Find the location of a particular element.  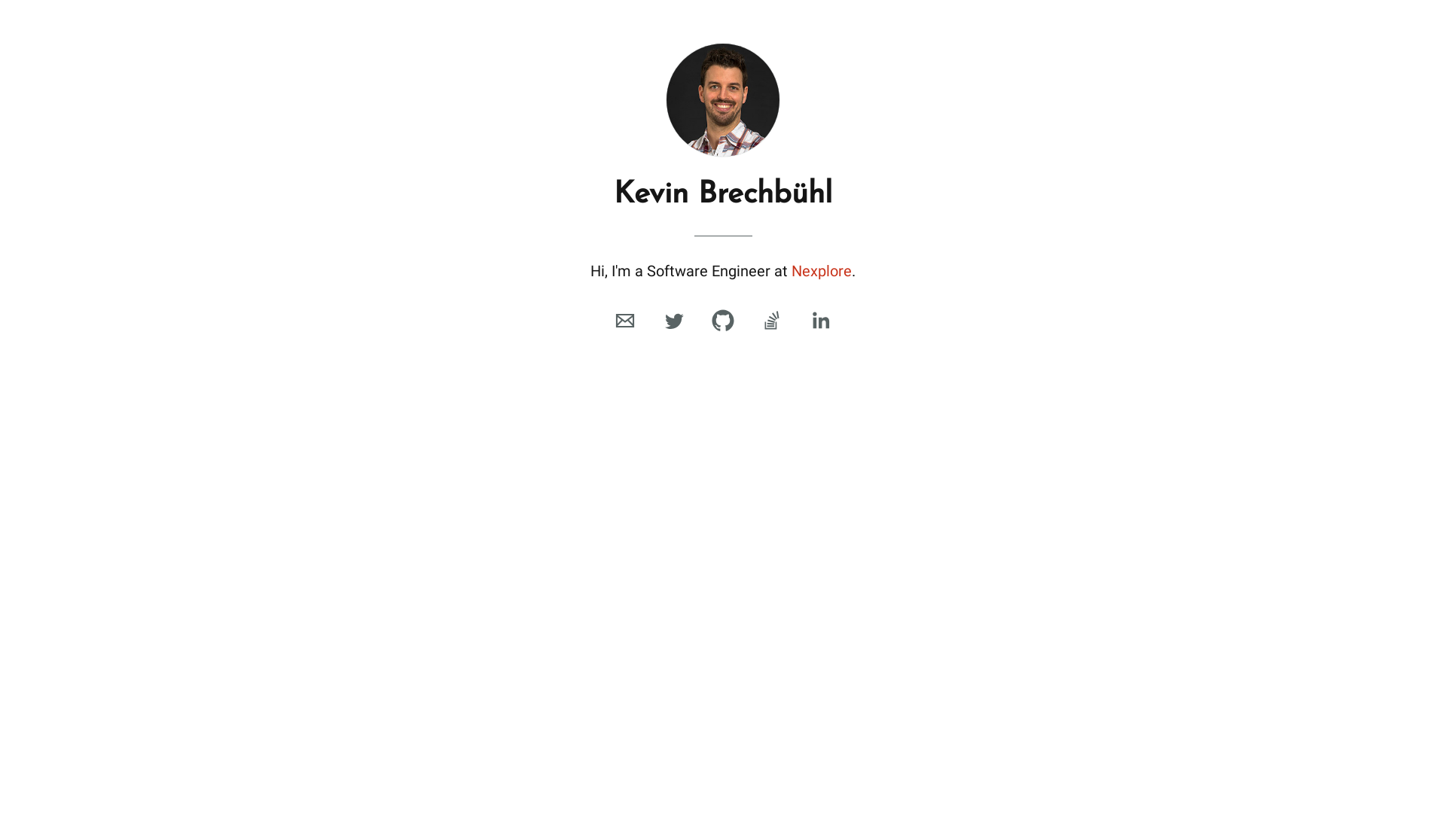

'Nexplore' is located at coordinates (791, 269).